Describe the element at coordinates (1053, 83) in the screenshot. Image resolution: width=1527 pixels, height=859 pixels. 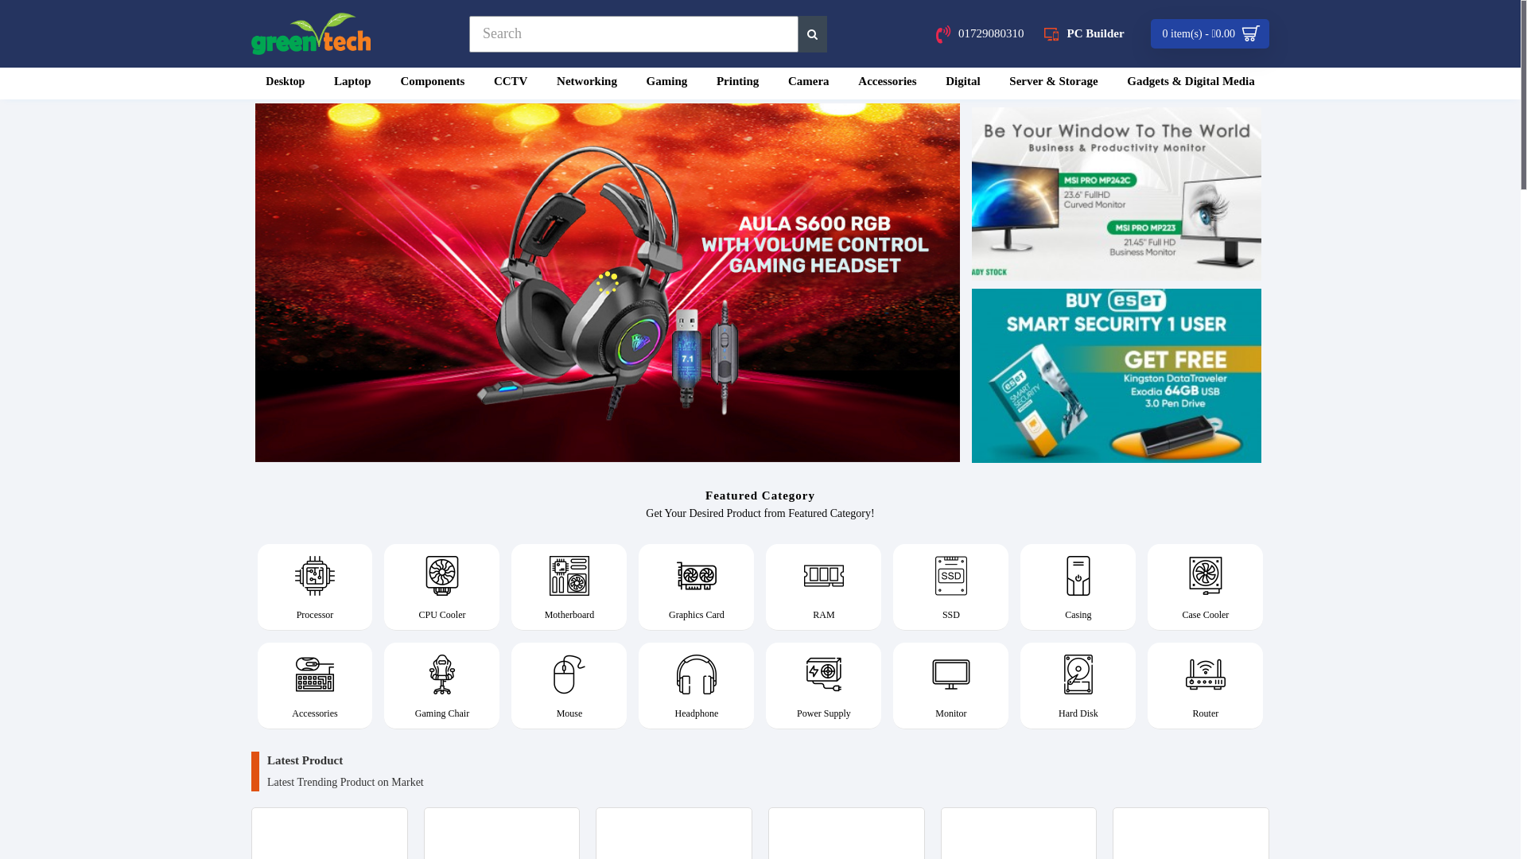
I see `'Server & Storage'` at that location.